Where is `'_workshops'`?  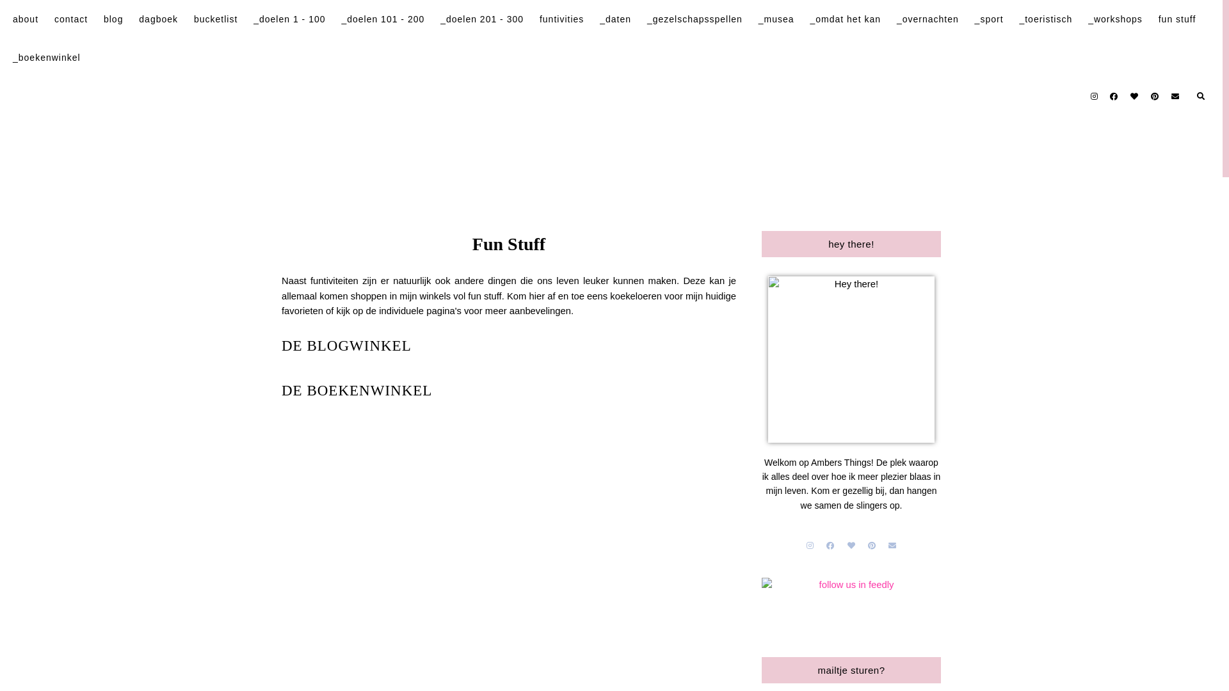
'_workshops' is located at coordinates (1087, 19).